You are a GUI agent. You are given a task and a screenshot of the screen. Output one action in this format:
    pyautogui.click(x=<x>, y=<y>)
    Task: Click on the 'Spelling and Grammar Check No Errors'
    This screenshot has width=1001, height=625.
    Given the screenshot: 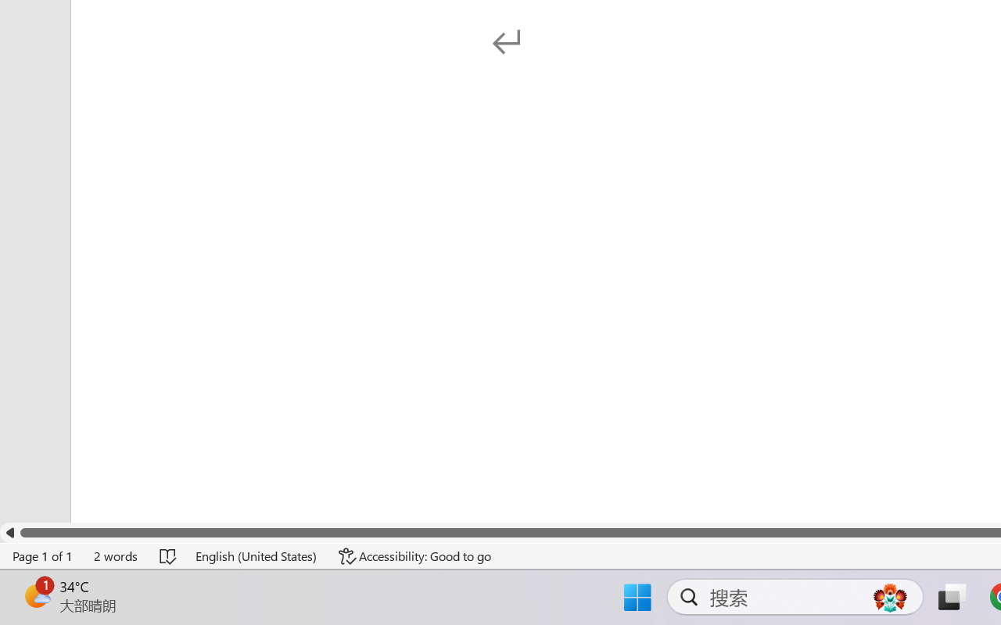 What is the action you would take?
    pyautogui.click(x=169, y=555)
    